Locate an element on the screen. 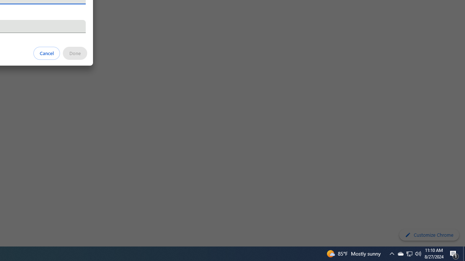 Image resolution: width=465 pixels, height=261 pixels. 'Cancel' is located at coordinates (46, 53).